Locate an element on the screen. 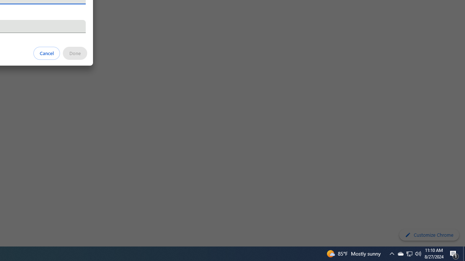 Image resolution: width=465 pixels, height=261 pixels. 'Cancel' is located at coordinates (46, 53).